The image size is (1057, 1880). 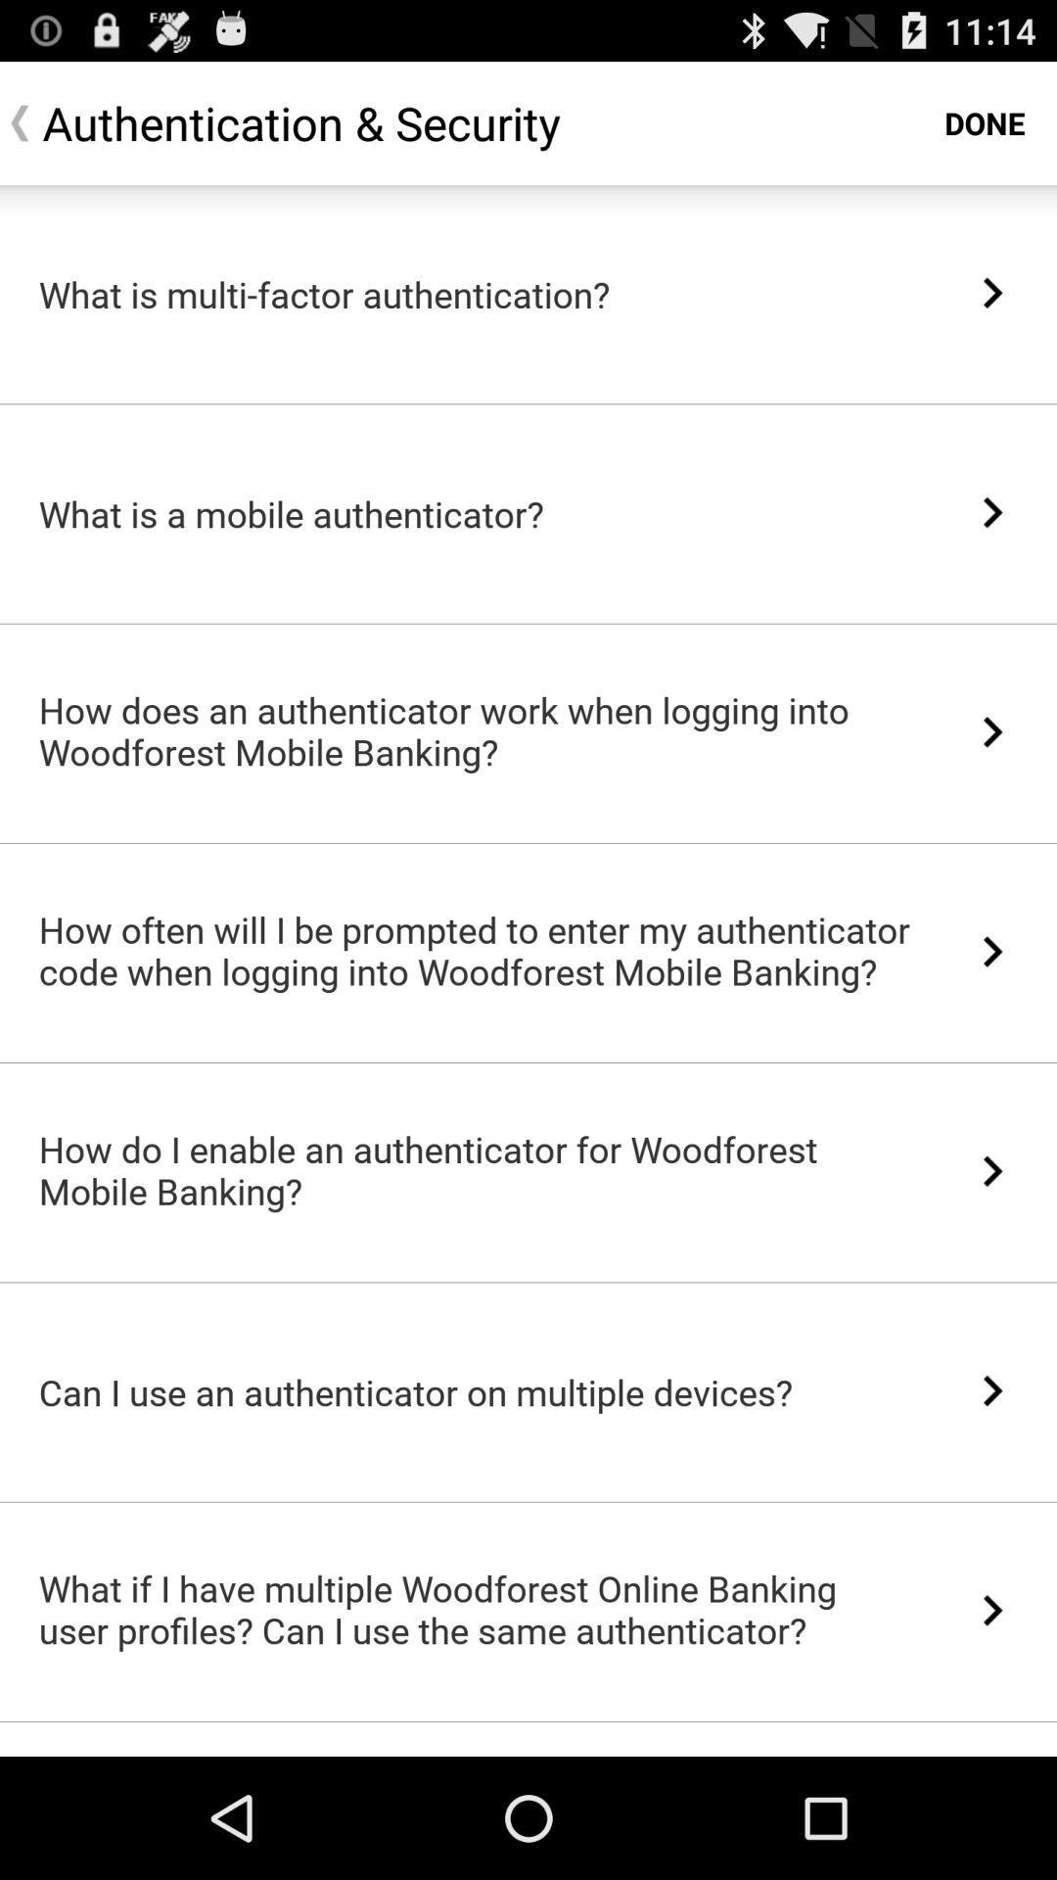 What do you see at coordinates (528, 623) in the screenshot?
I see `the icon above how does an` at bounding box center [528, 623].